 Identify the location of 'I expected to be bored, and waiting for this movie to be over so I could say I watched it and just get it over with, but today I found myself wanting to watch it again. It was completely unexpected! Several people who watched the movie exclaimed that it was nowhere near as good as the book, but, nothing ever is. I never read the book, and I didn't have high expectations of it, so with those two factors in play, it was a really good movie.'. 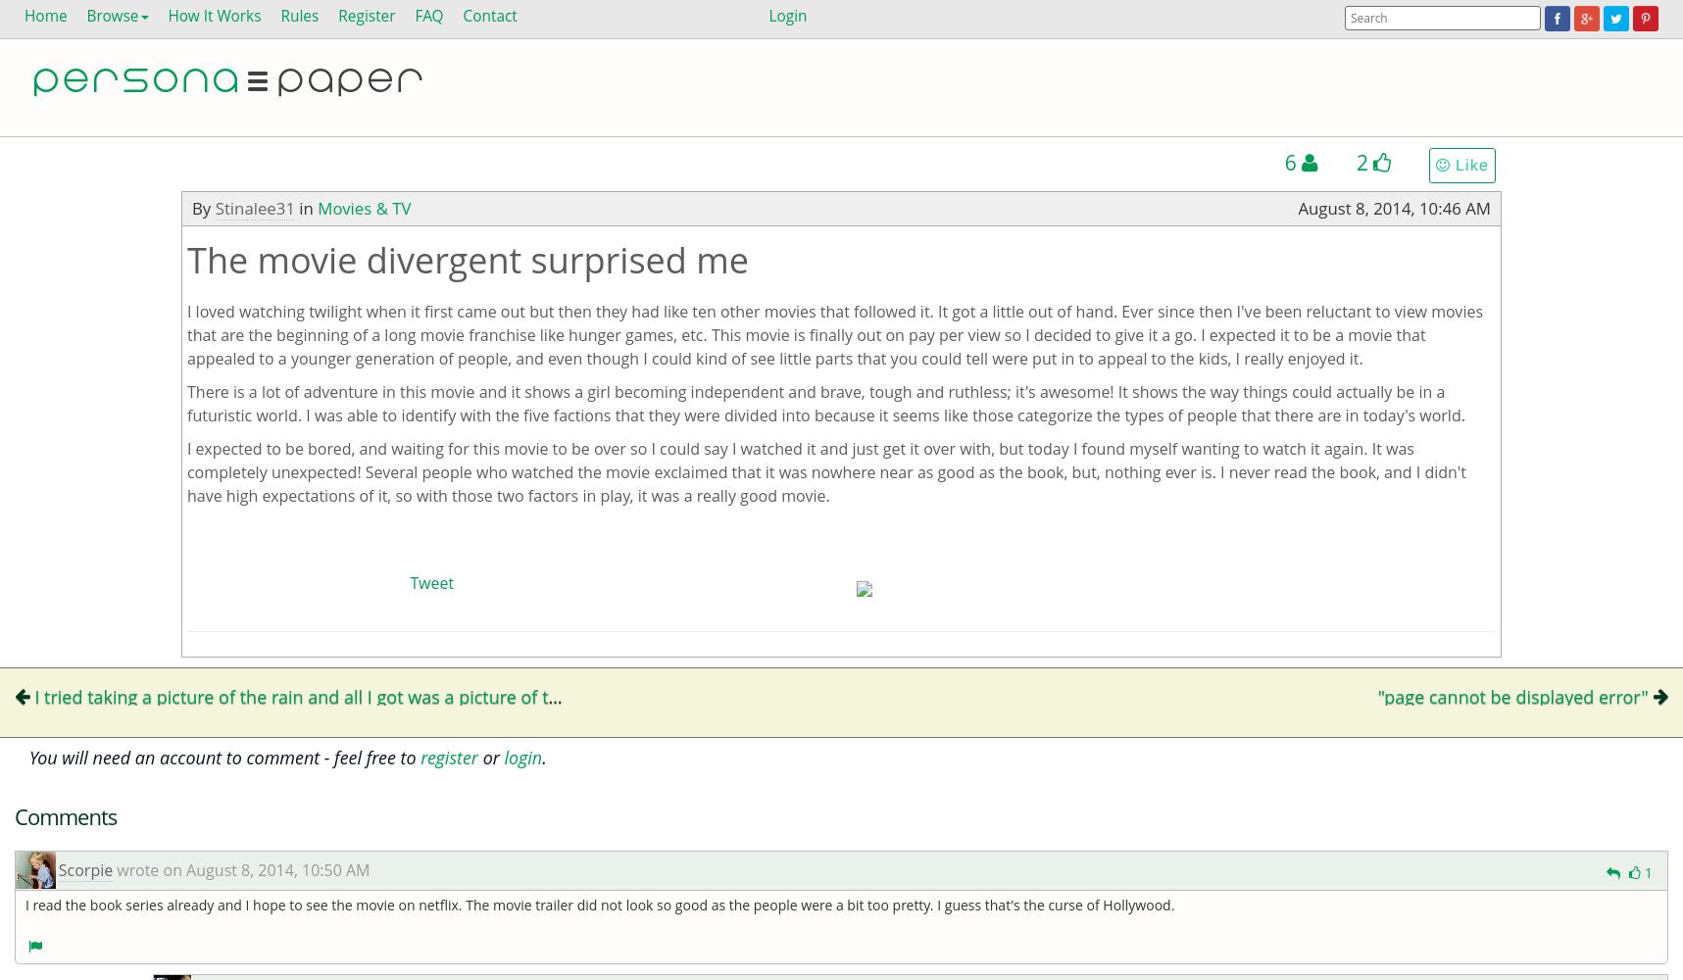
(825, 470).